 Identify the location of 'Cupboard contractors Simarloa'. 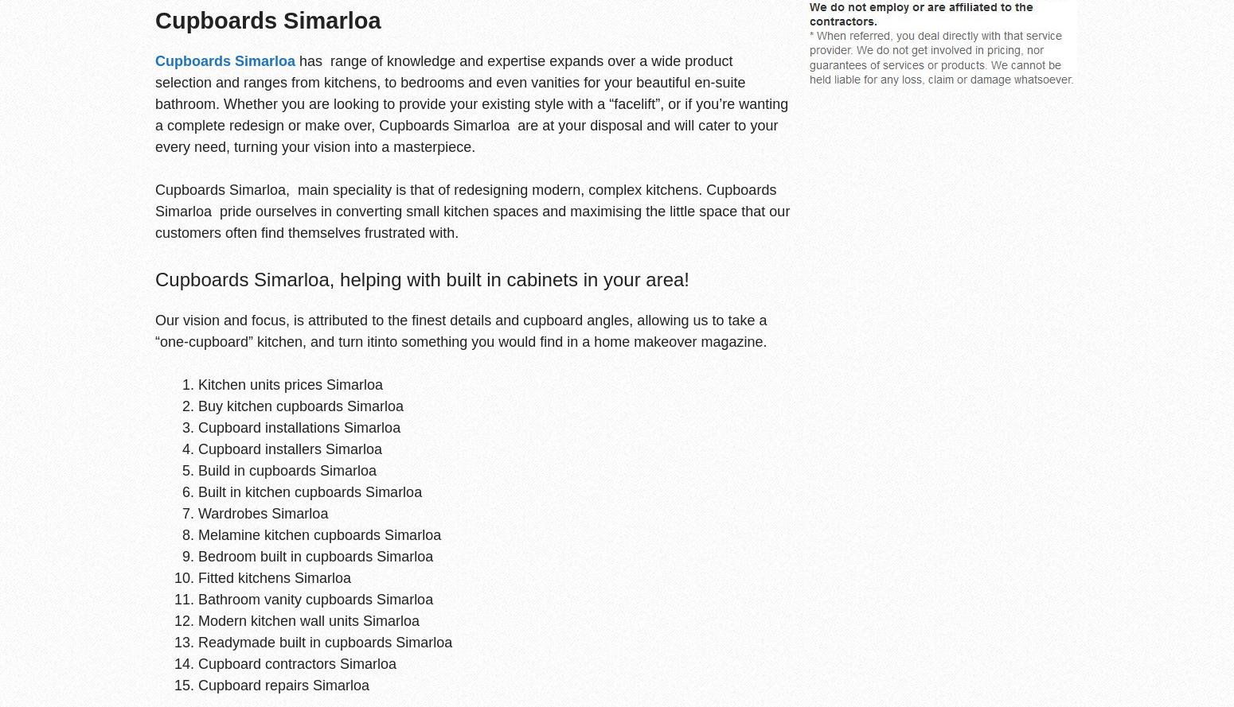
(296, 662).